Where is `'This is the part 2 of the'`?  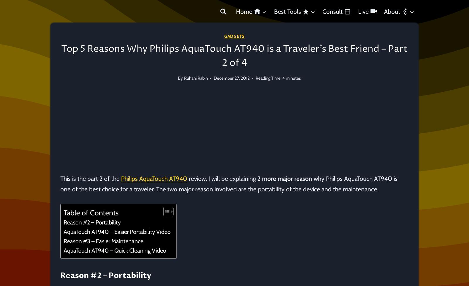 'This is the part 2 of the' is located at coordinates (91, 178).